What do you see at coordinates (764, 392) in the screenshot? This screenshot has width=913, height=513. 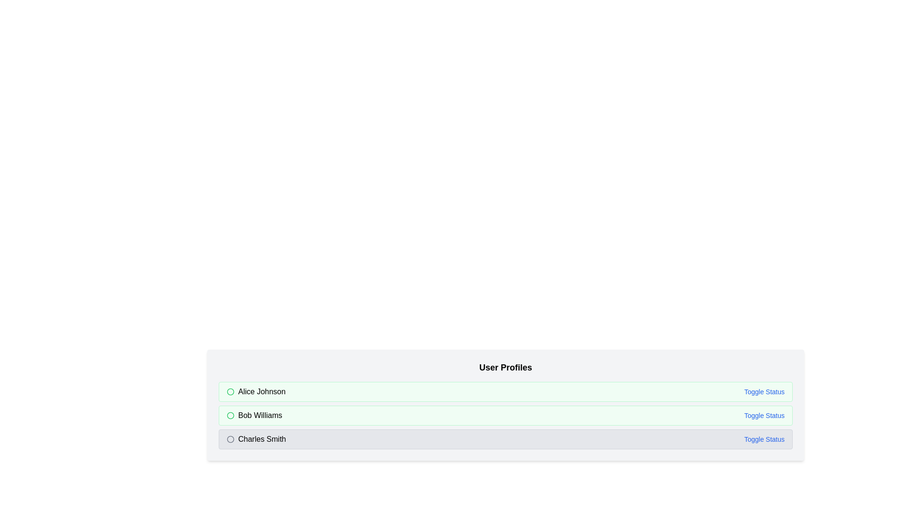 I see `the hyperlink element that serves as a toggle for the status related to 'Alice Johnson' to trigger the underline effect` at bounding box center [764, 392].